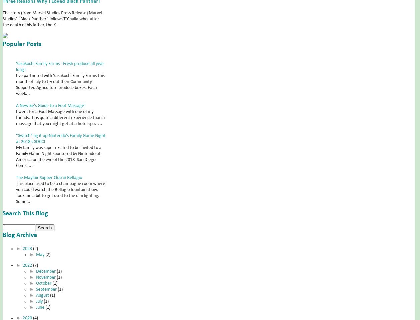 Image resolution: width=420 pixels, height=320 pixels. Describe the element at coordinates (25, 213) in the screenshot. I see `'Search This Blog'` at that location.